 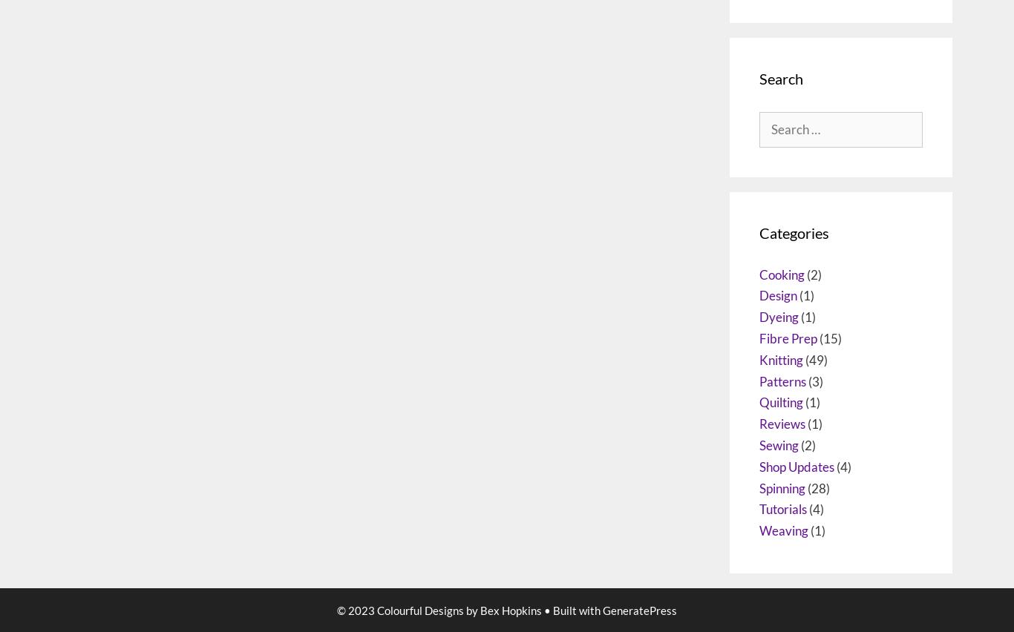 What do you see at coordinates (777, 406) in the screenshot?
I see `'Design'` at bounding box center [777, 406].